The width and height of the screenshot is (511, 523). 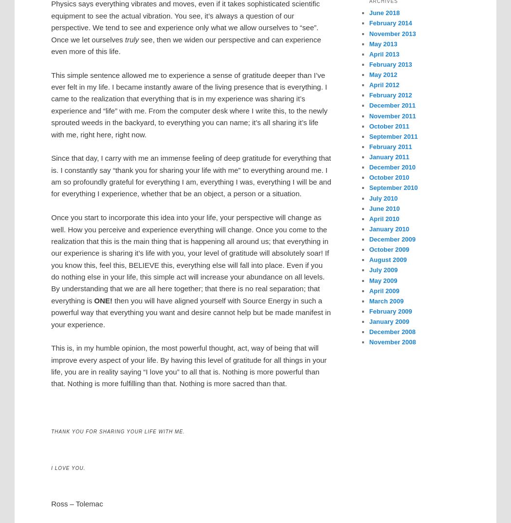 What do you see at coordinates (51, 175) in the screenshot?
I see `'Since that day, I carry with me an immense feeling of deep gratitude for everything that is. I constantly say “thank you for sharing your life with me” to everything around me. I am so profoundly grateful for everything I am, everything I was, everything I will be and for everything I experience, whether that be an object, a person or a situation.'` at bounding box center [51, 175].